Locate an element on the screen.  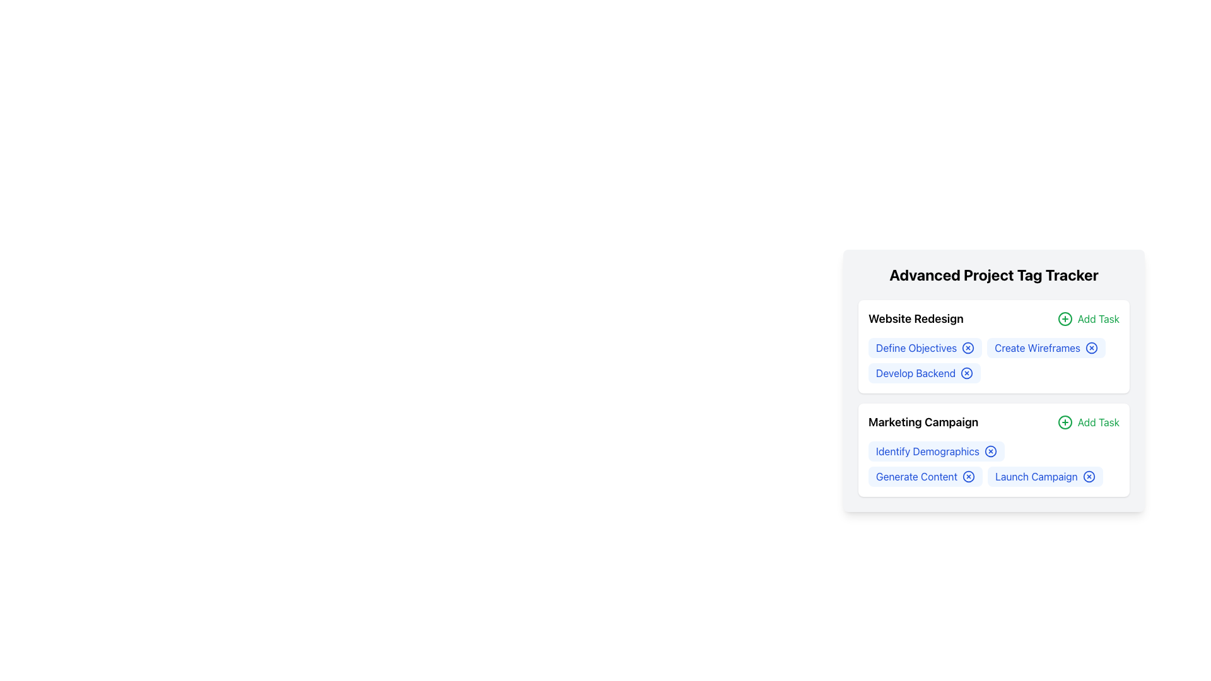
the labels in the 'Marketing Campaign' section to interact with tasks is located at coordinates (993, 449).